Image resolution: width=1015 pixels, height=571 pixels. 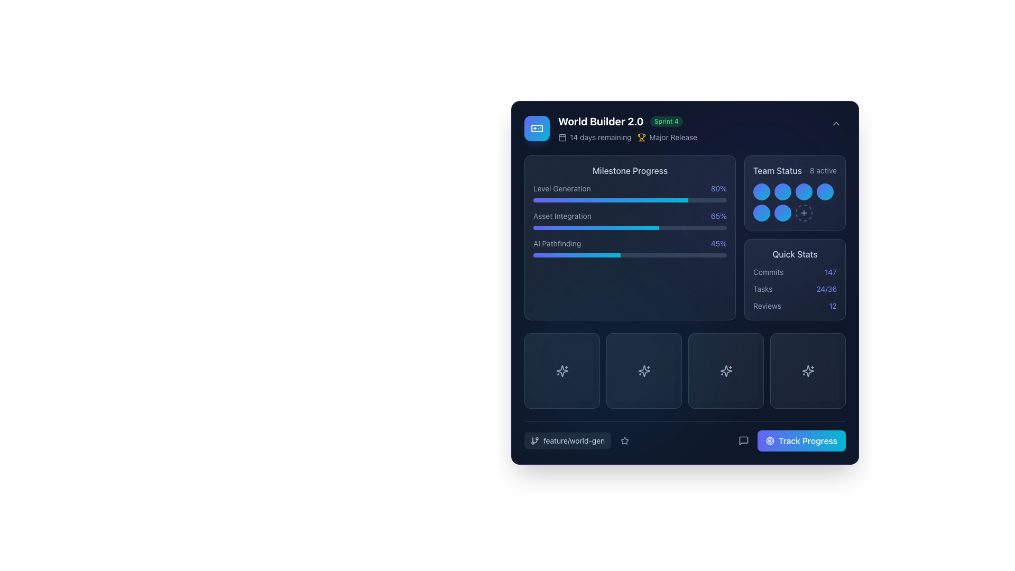 I want to click on the third interactive card or button in the 'Milestone Progress' section, which is designed for viewing or interacting with milestone details, so click(x=685, y=370).